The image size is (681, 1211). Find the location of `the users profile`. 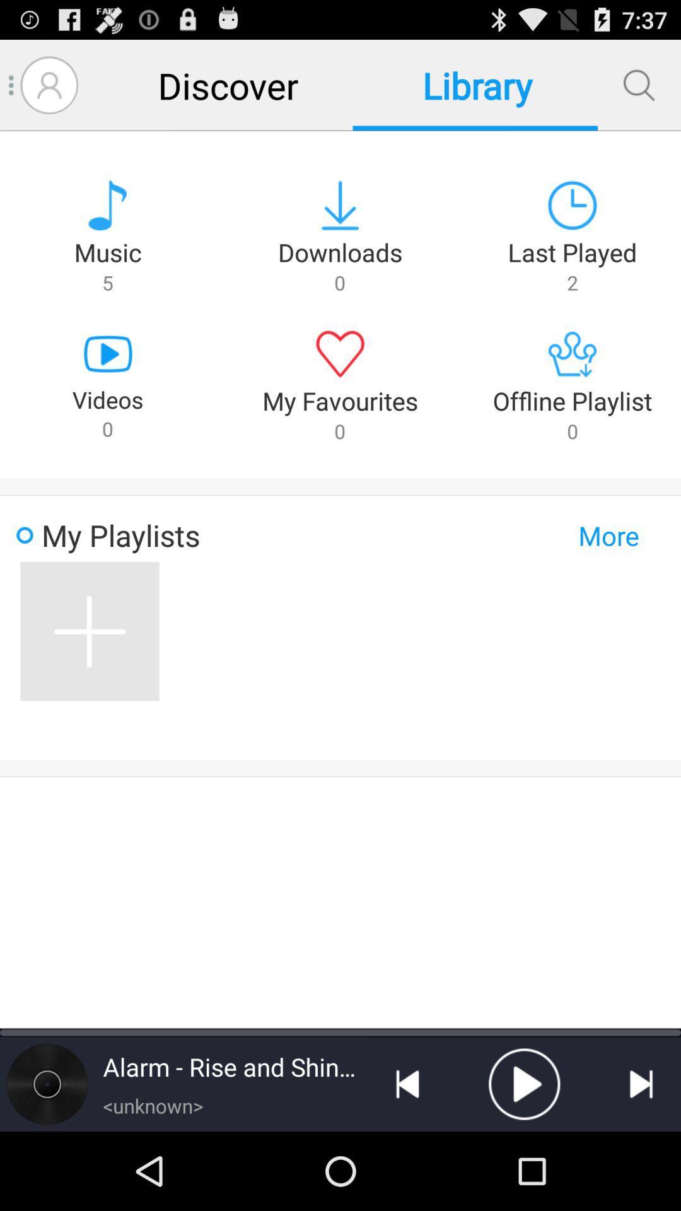

the users profile is located at coordinates (49, 85).